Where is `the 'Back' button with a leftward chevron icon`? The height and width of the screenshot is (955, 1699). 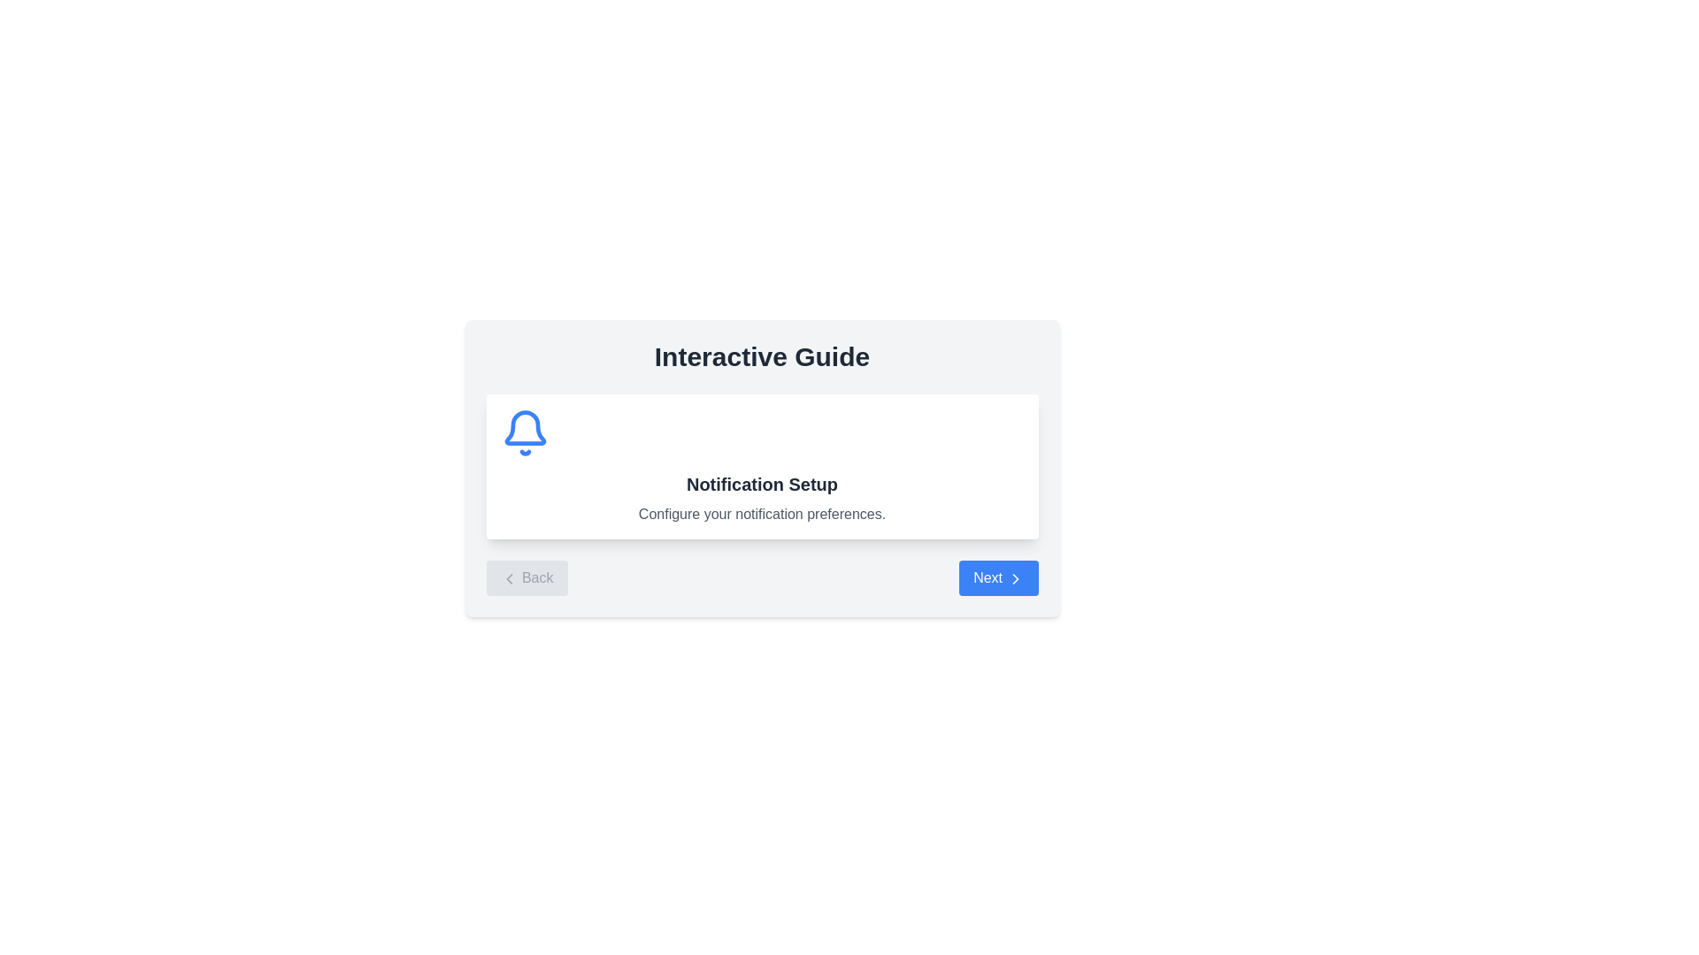 the 'Back' button with a leftward chevron icon is located at coordinates (526, 578).